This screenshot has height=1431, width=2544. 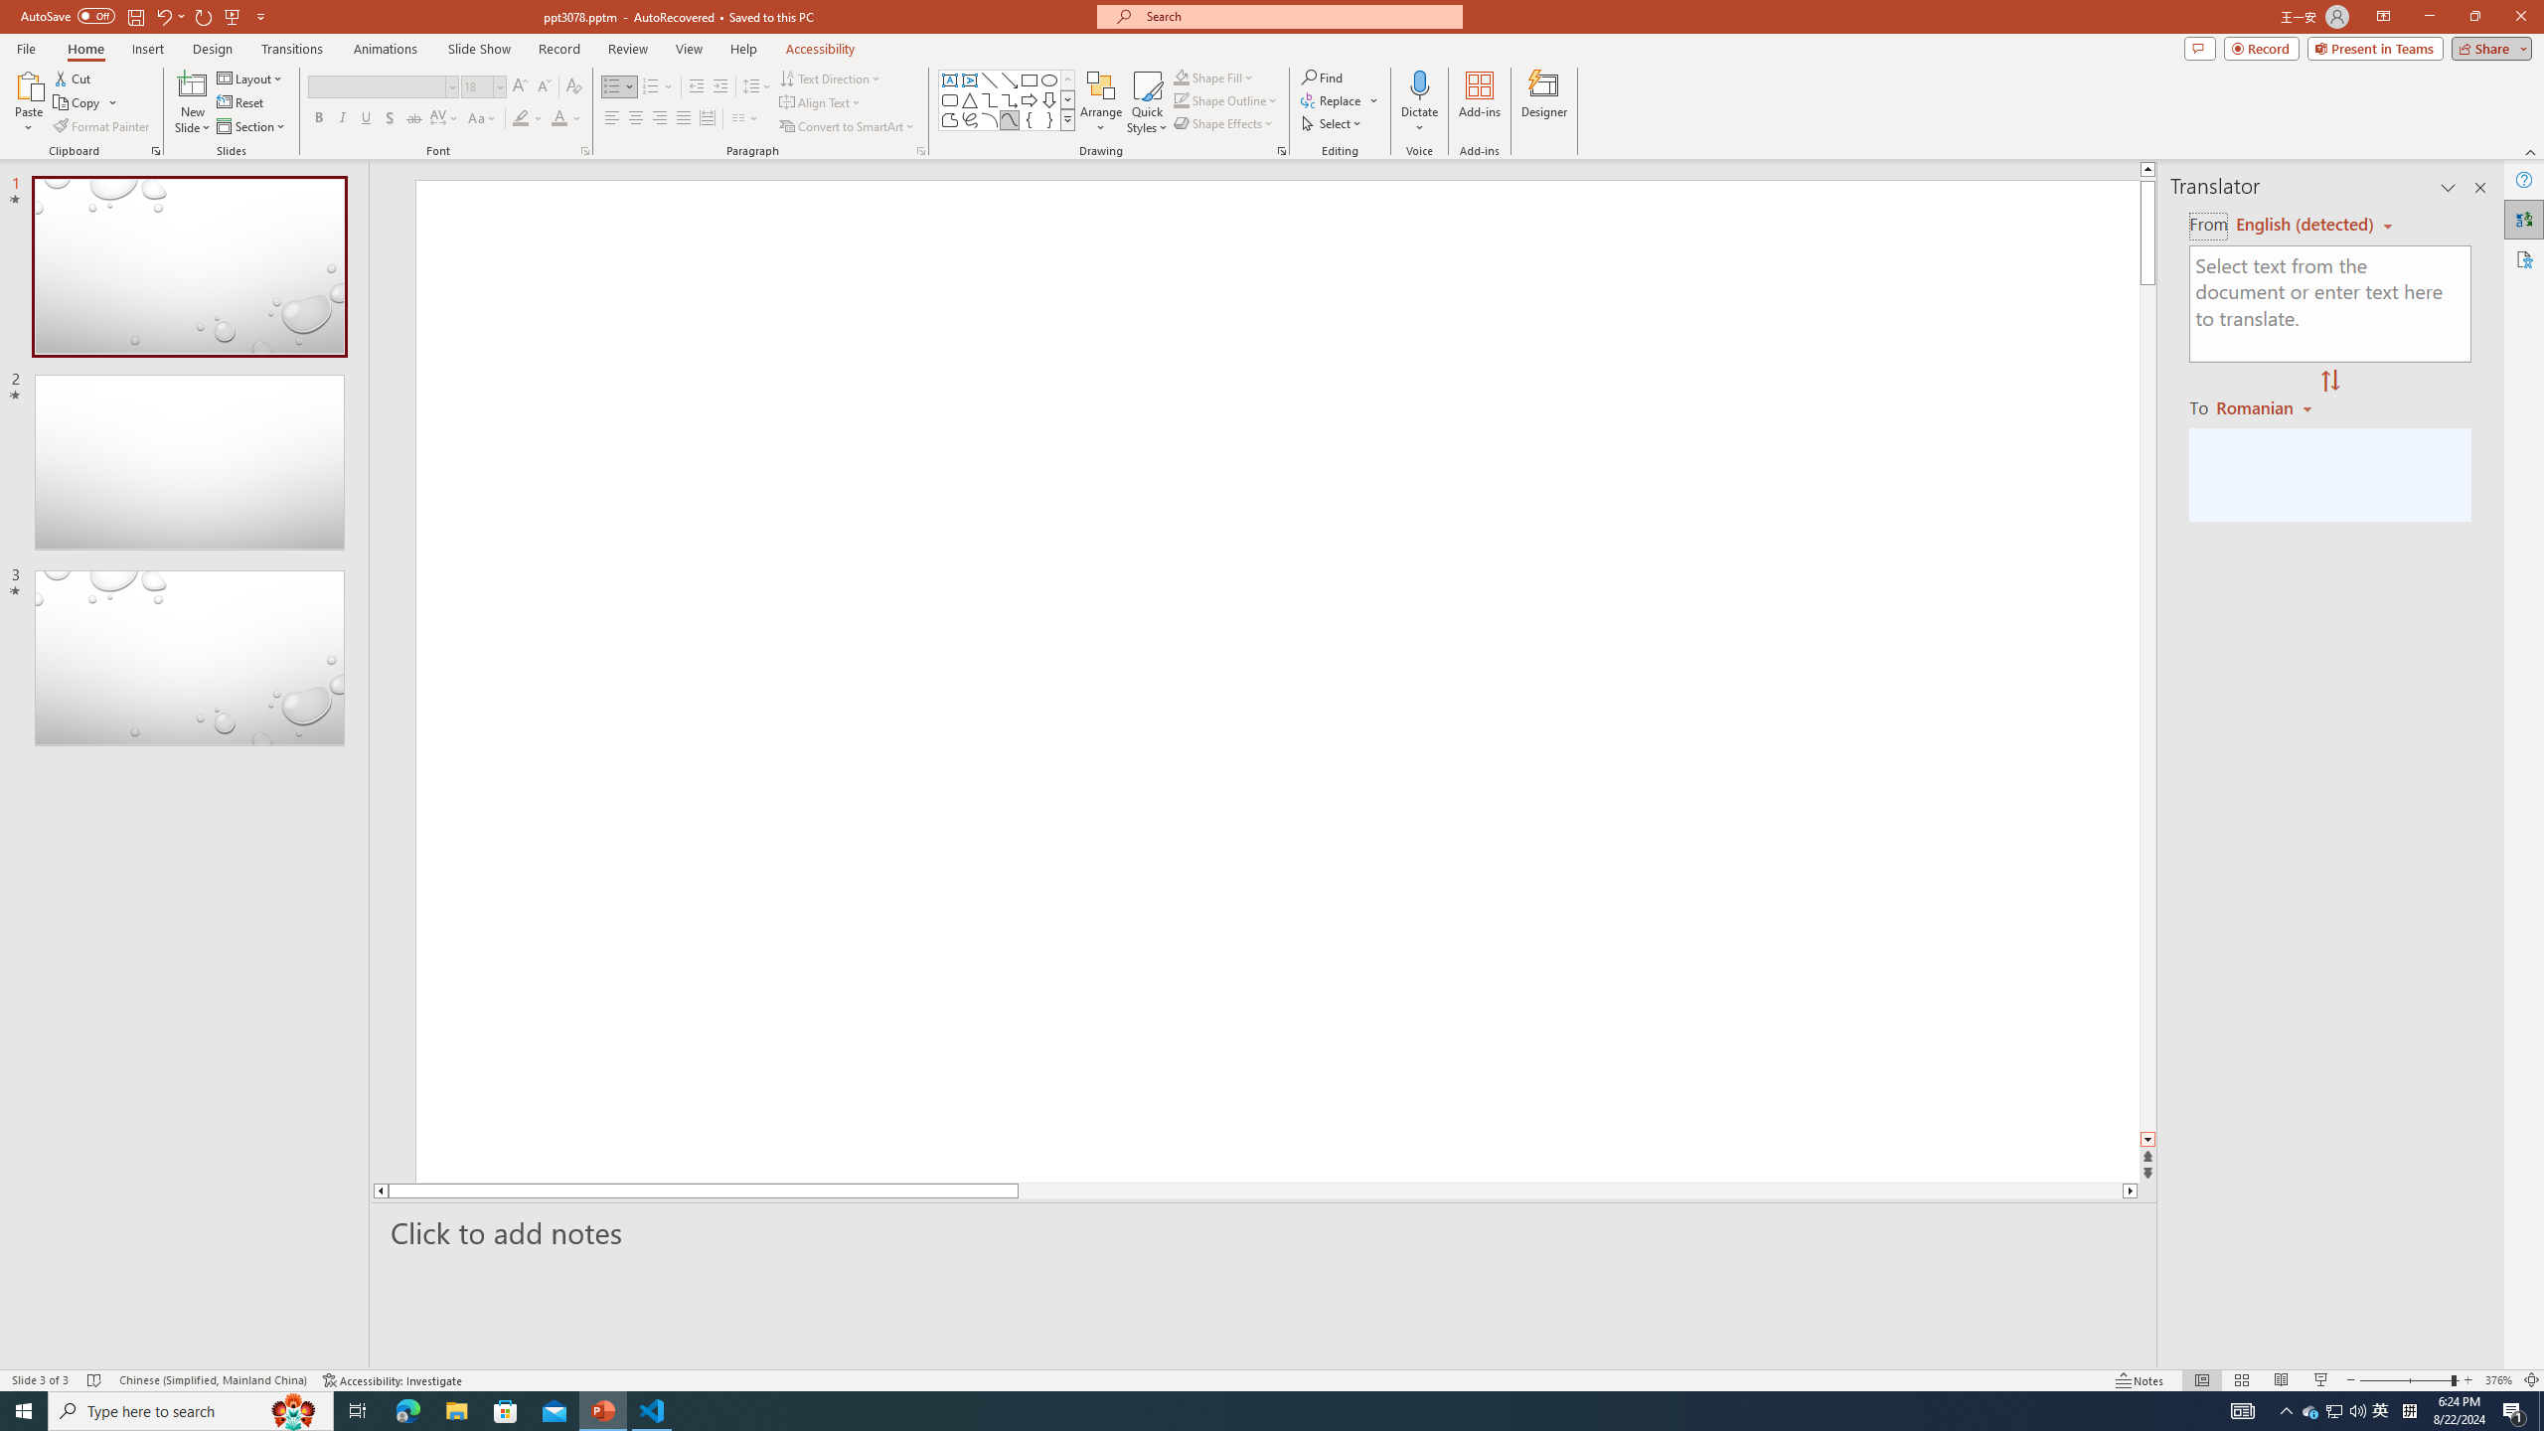 What do you see at coordinates (192, 102) in the screenshot?
I see `'New Slide'` at bounding box center [192, 102].